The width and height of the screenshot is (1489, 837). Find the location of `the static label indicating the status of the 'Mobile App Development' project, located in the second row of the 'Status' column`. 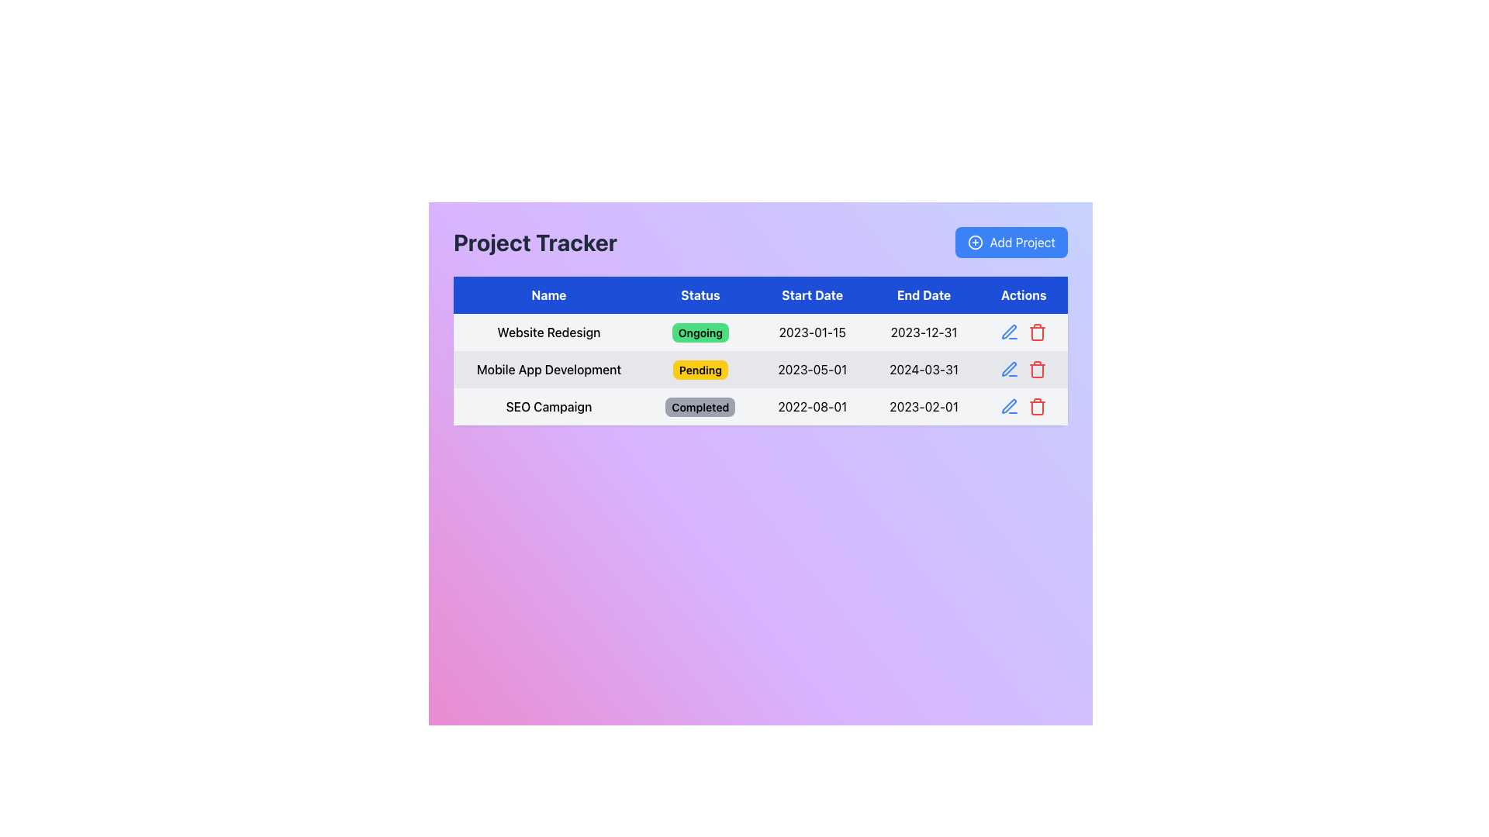

the static label indicating the status of the 'Mobile App Development' project, located in the second row of the 'Status' column is located at coordinates (700, 370).